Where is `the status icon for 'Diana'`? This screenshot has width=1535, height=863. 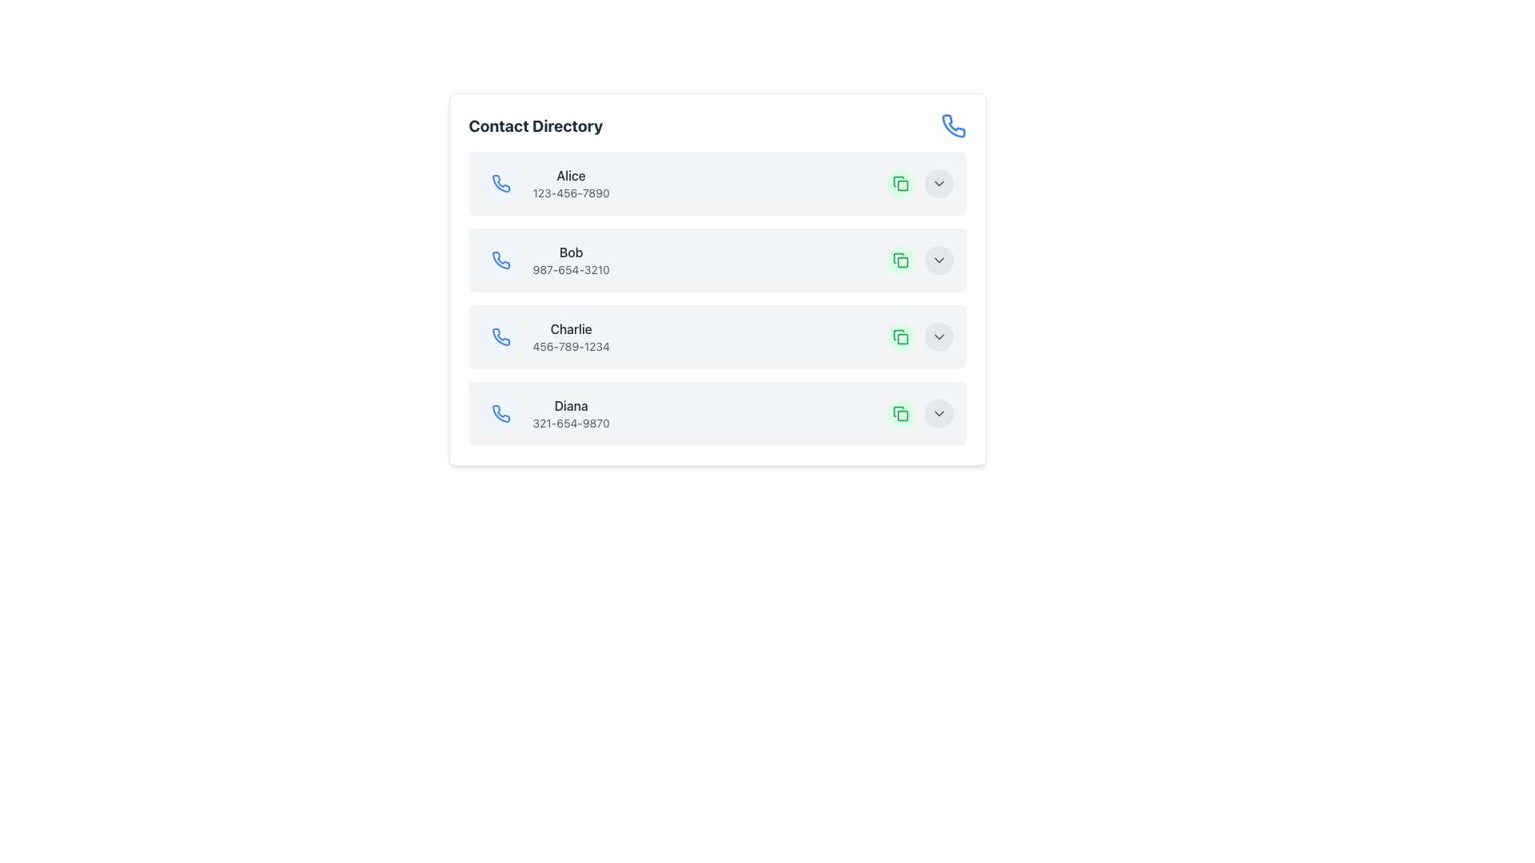 the status icon for 'Diana' is located at coordinates (902, 415).